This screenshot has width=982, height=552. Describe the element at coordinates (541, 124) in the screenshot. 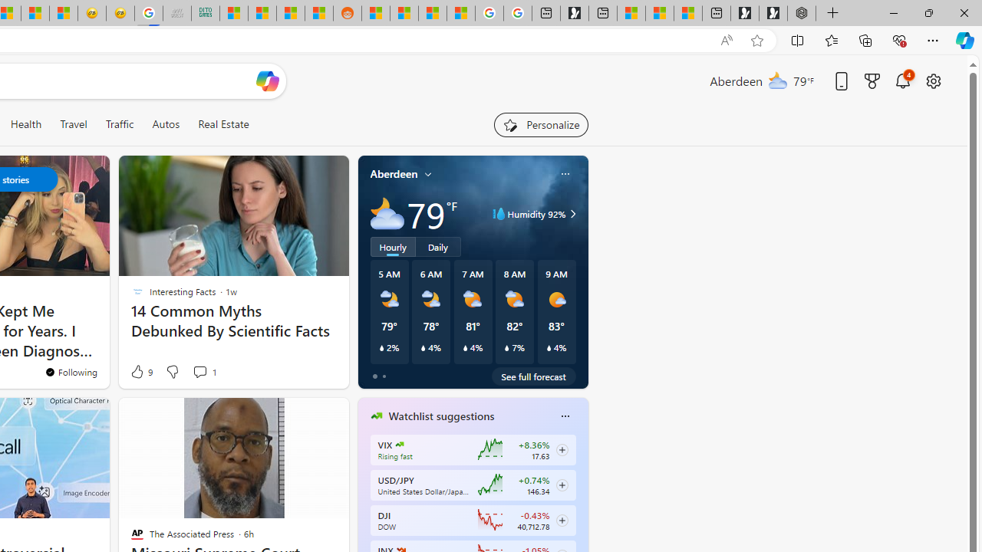

I see `'Personalize your feed"'` at that location.